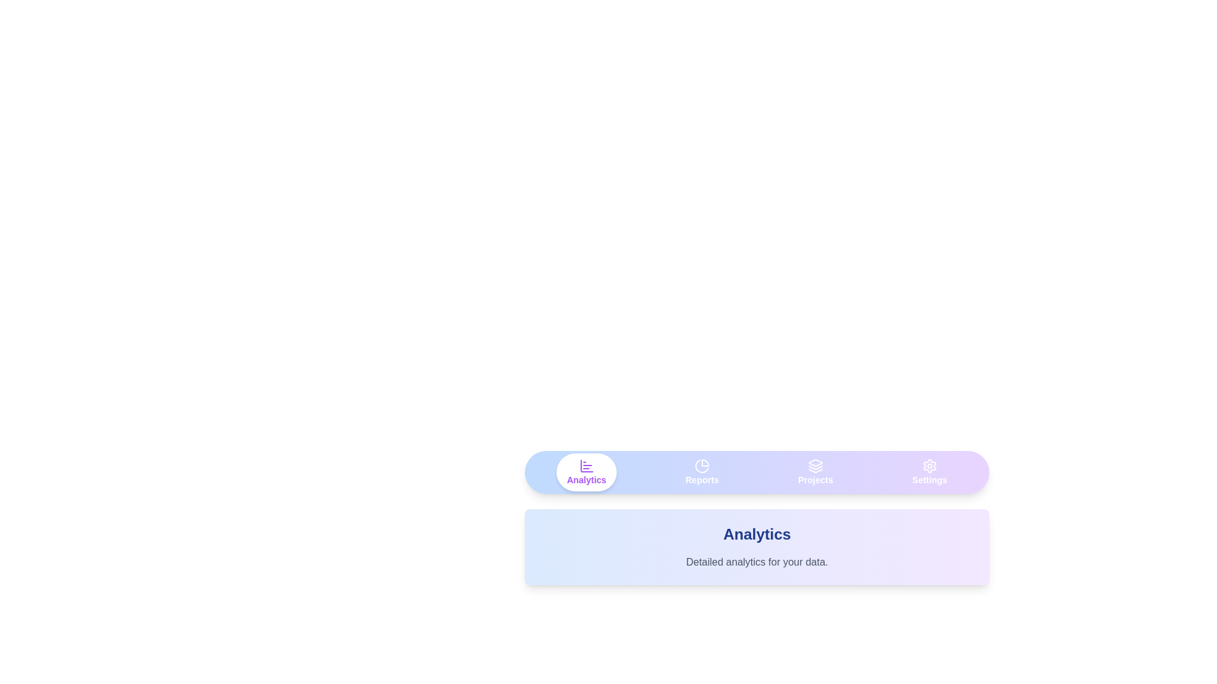 The width and height of the screenshot is (1217, 684). I want to click on the tab button labeled 'Analytics' to observe the hover effect, so click(586, 472).